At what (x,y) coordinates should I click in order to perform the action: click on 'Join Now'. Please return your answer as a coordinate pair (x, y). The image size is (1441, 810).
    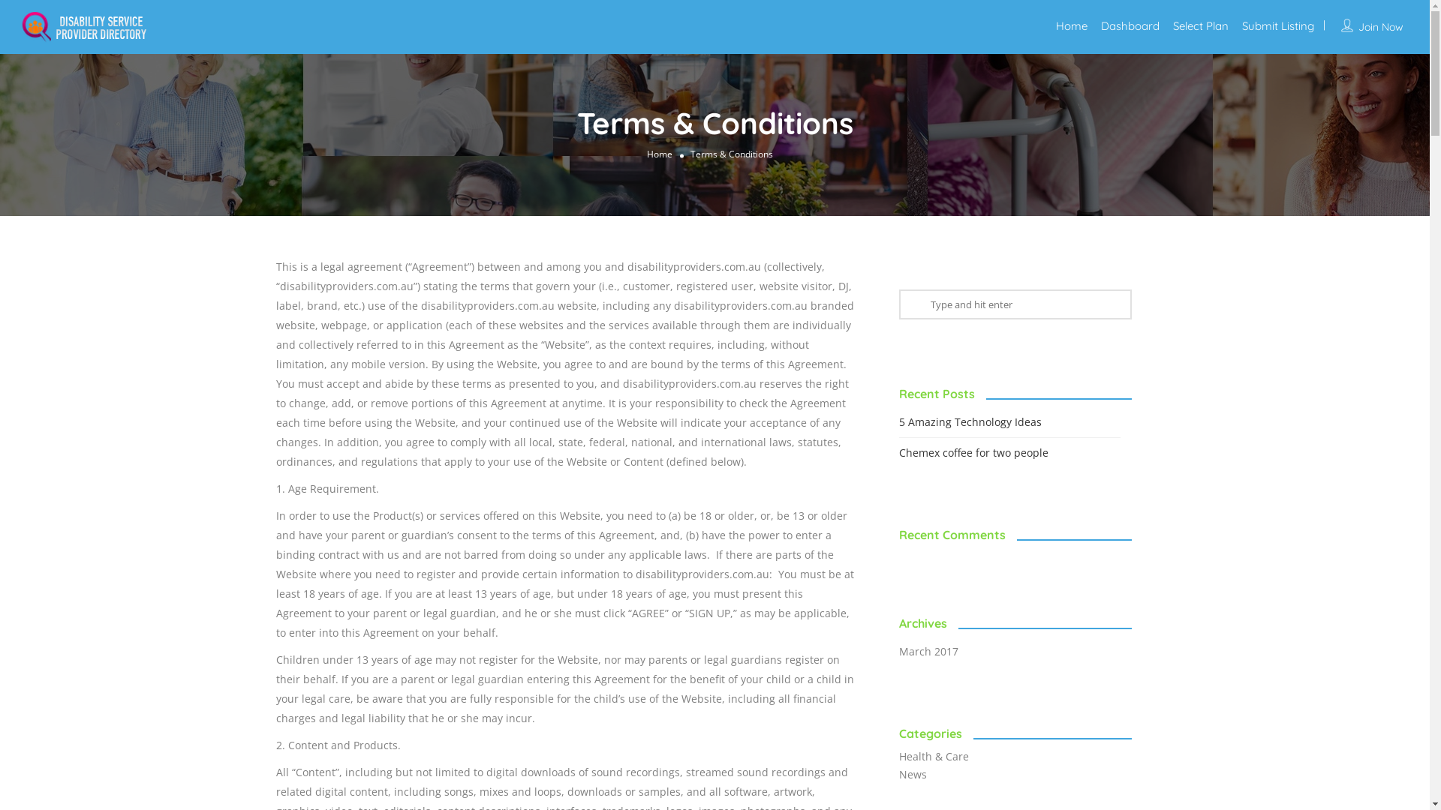
    Looking at the image, I should click on (1380, 26).